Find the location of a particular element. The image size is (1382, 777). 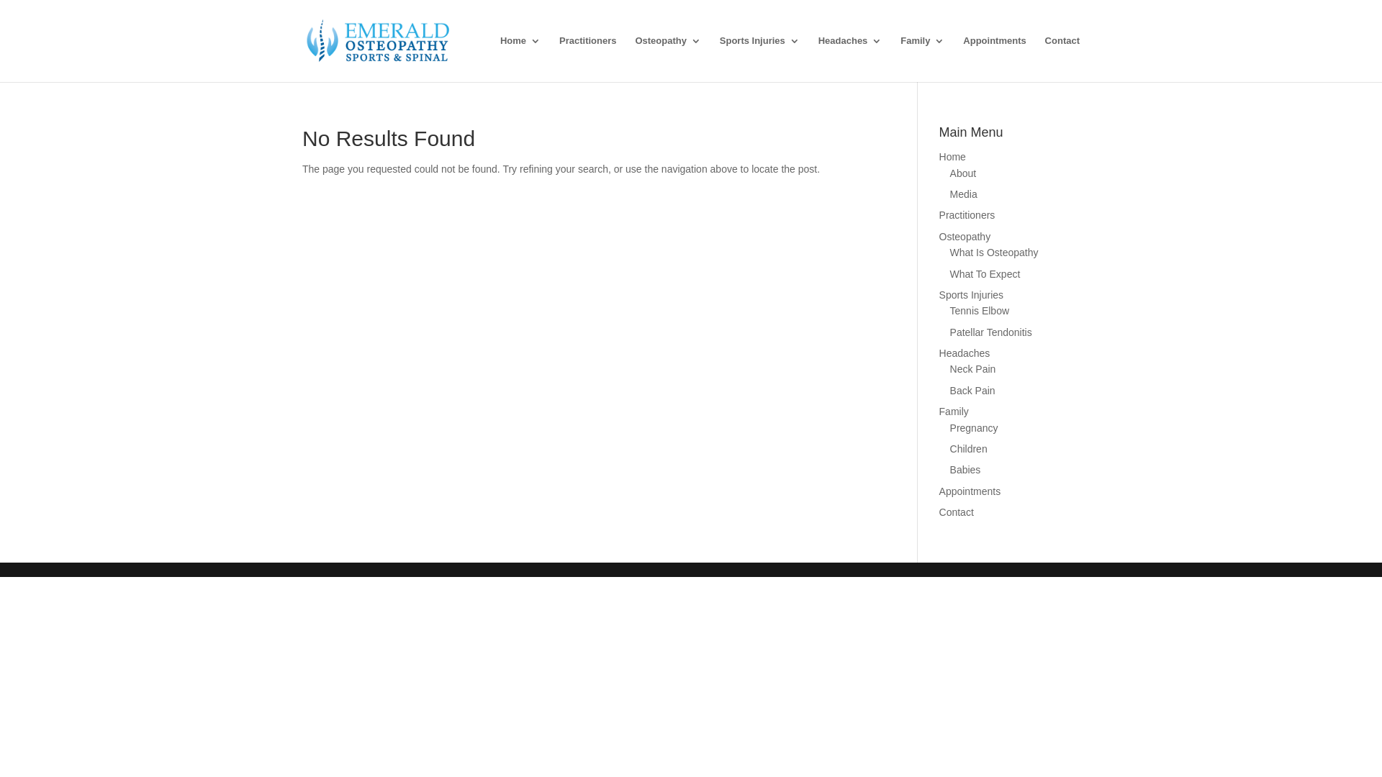

'Patellar Tendonitis' is located at coordinates (990, 332).